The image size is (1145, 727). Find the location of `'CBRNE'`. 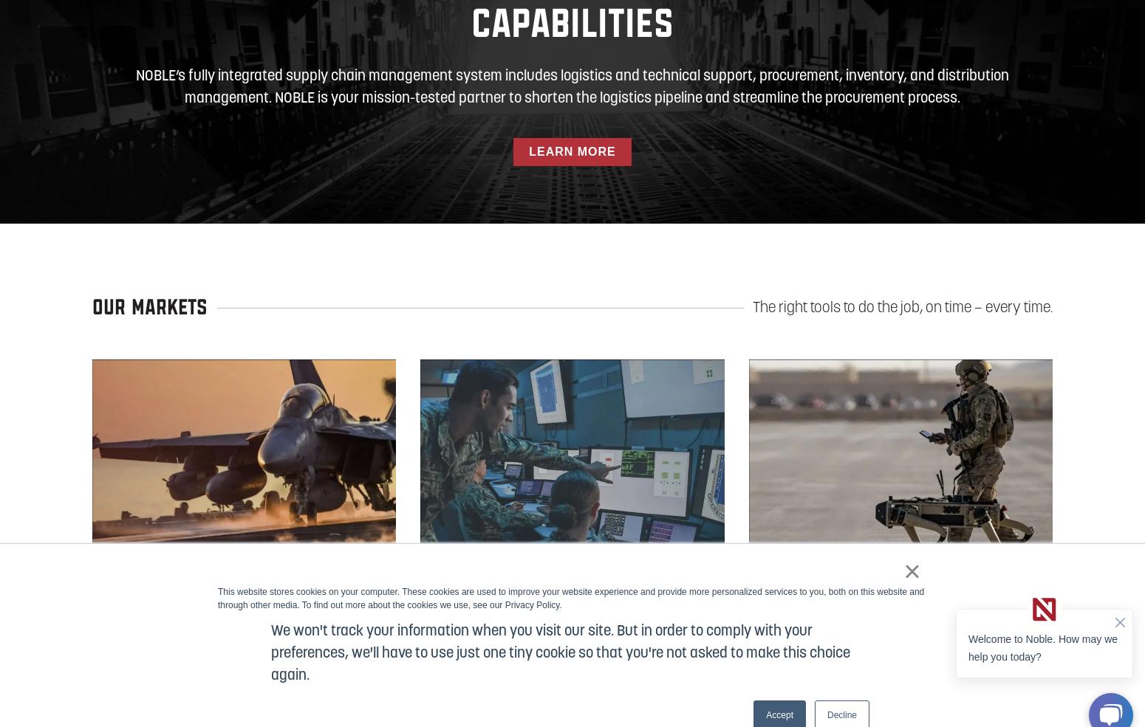

'CBRNE' is located at coordinates (748, 586).